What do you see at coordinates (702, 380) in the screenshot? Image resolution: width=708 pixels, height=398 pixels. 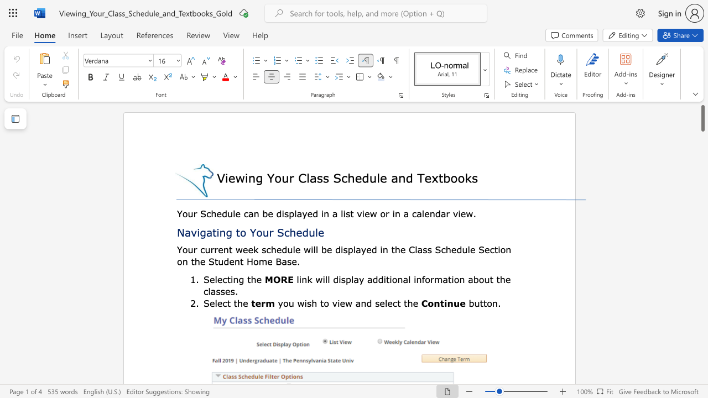 I see `the scrollbar to move the page downward` at bounding box center [702, 380].